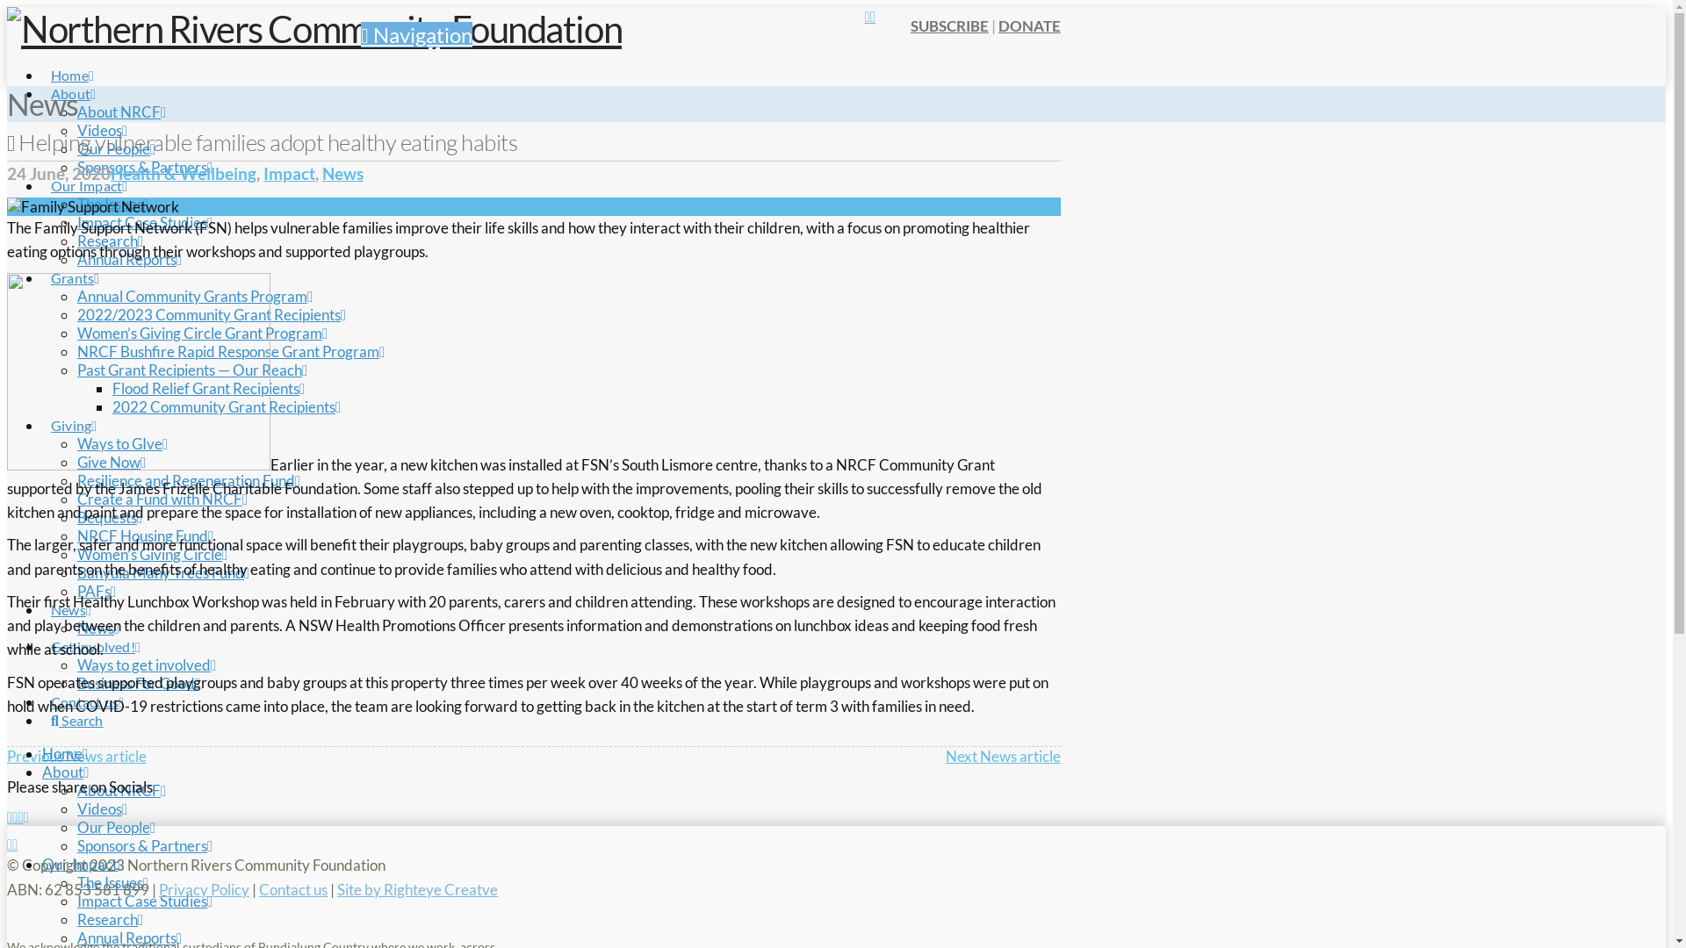 The height and width of the screenshot is (948, 1686). What do you see at coordinates (9, 843) in the screenshot?
I see `'Facebook'` at bounding box center [9, 843].